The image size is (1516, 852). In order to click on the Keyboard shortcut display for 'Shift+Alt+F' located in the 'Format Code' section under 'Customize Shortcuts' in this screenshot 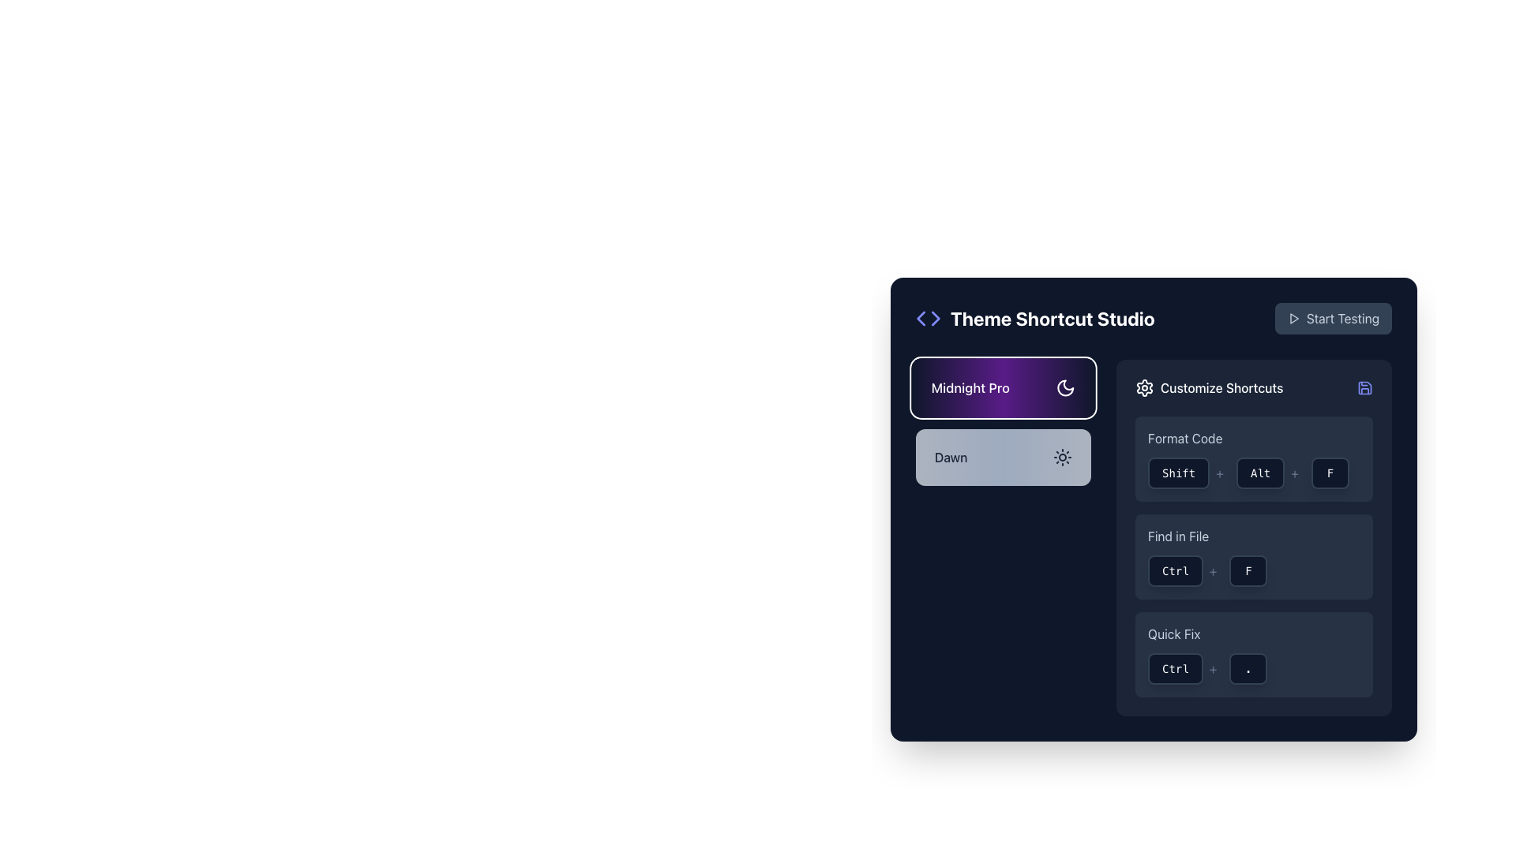, I will do `click(1253, 473)`.